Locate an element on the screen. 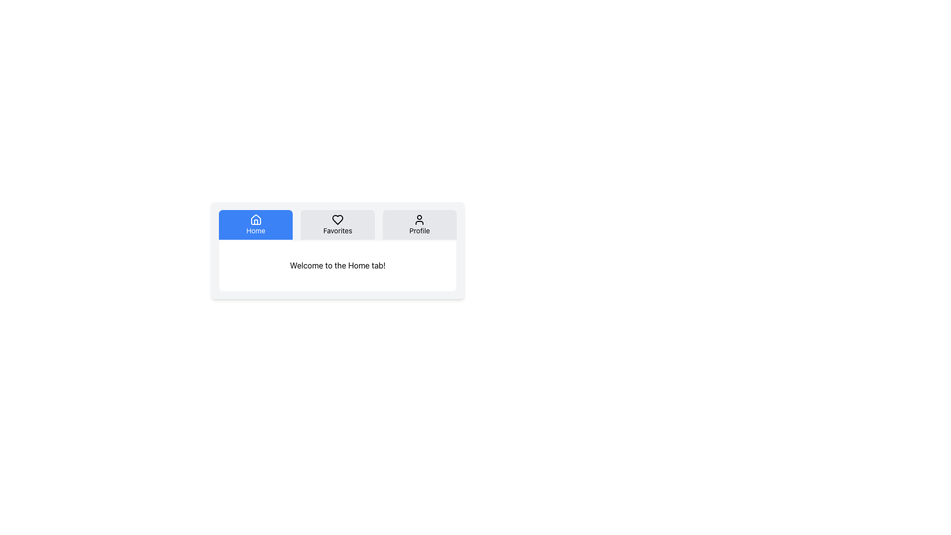  the 'Favorites' text label in the second tab of the navigation menu, which identifies the favorites section for the user is located at coordinates (337, 231).